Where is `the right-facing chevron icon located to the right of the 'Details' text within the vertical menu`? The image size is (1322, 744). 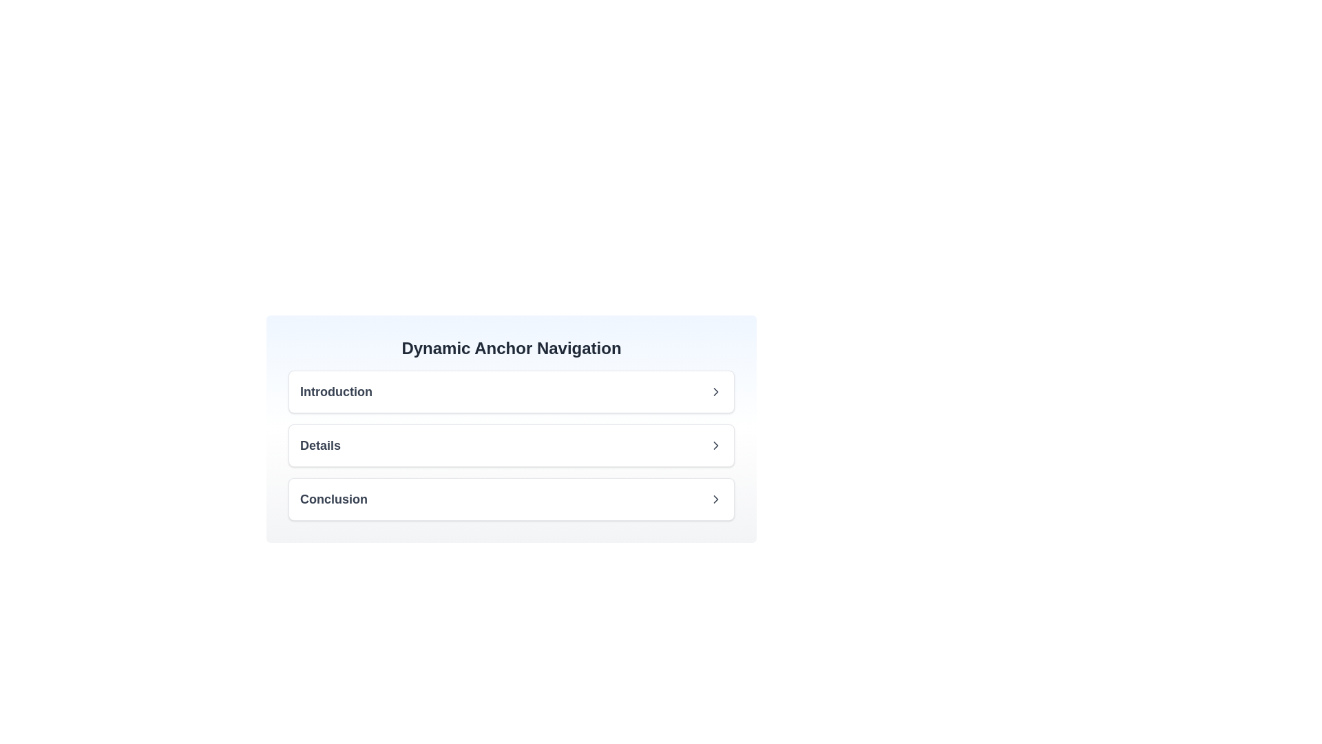 the right-facing chevron icon located to the right of the 'Details' text within the vertical menu is located at coordinates (716, 446).